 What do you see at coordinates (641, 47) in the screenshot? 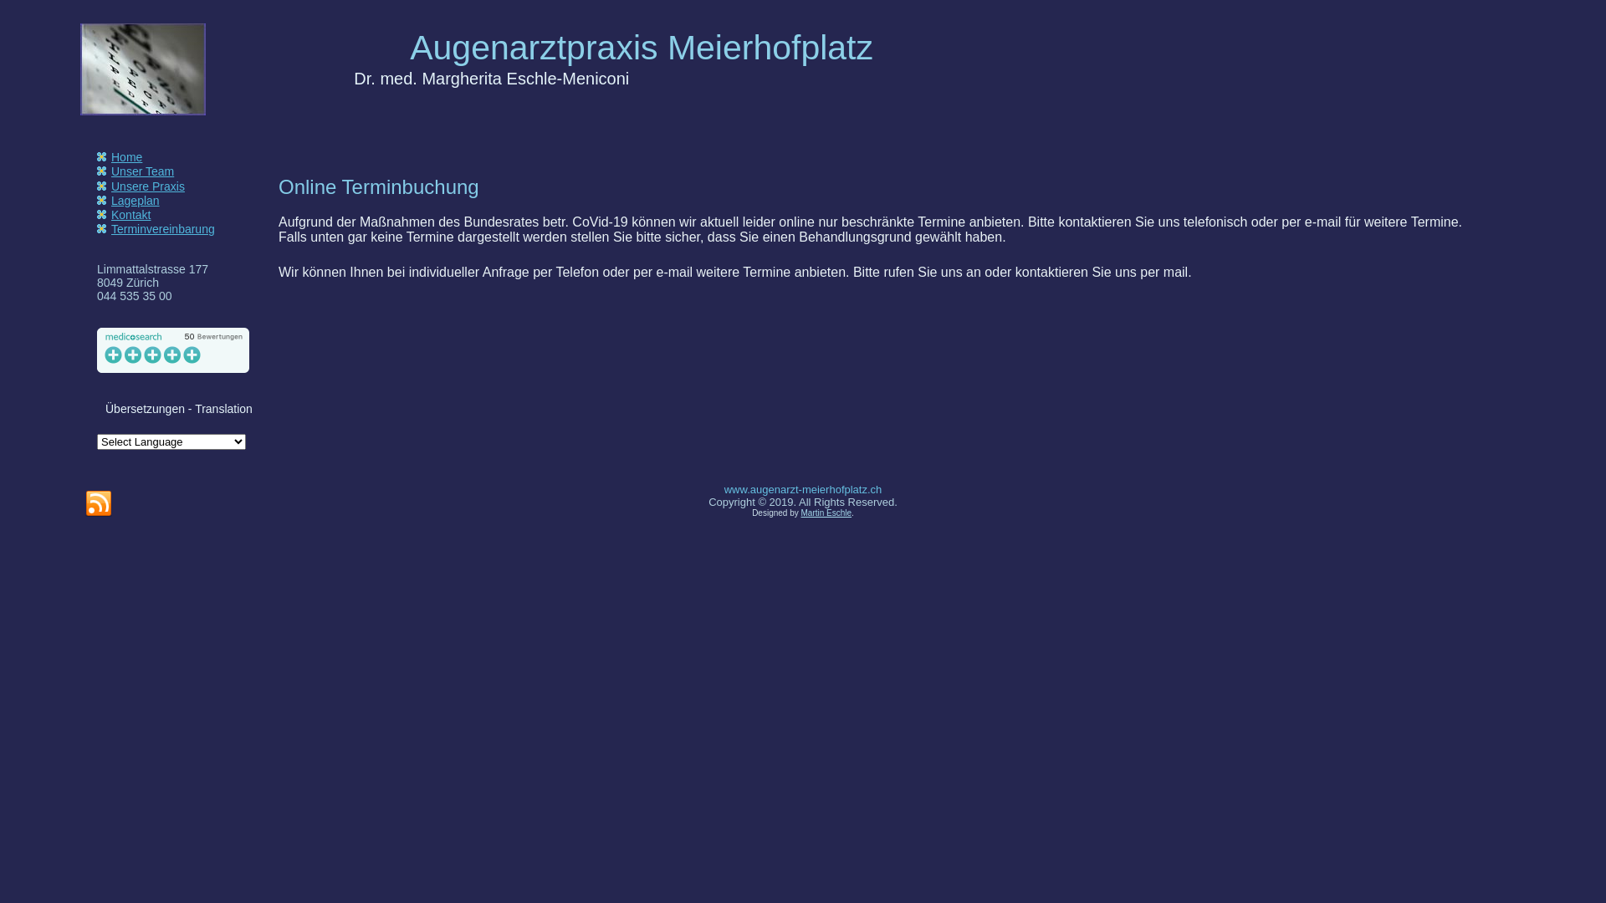
I see `'Augenarztpraxis Meierhofplatz'` at bounding box center [641, 47].